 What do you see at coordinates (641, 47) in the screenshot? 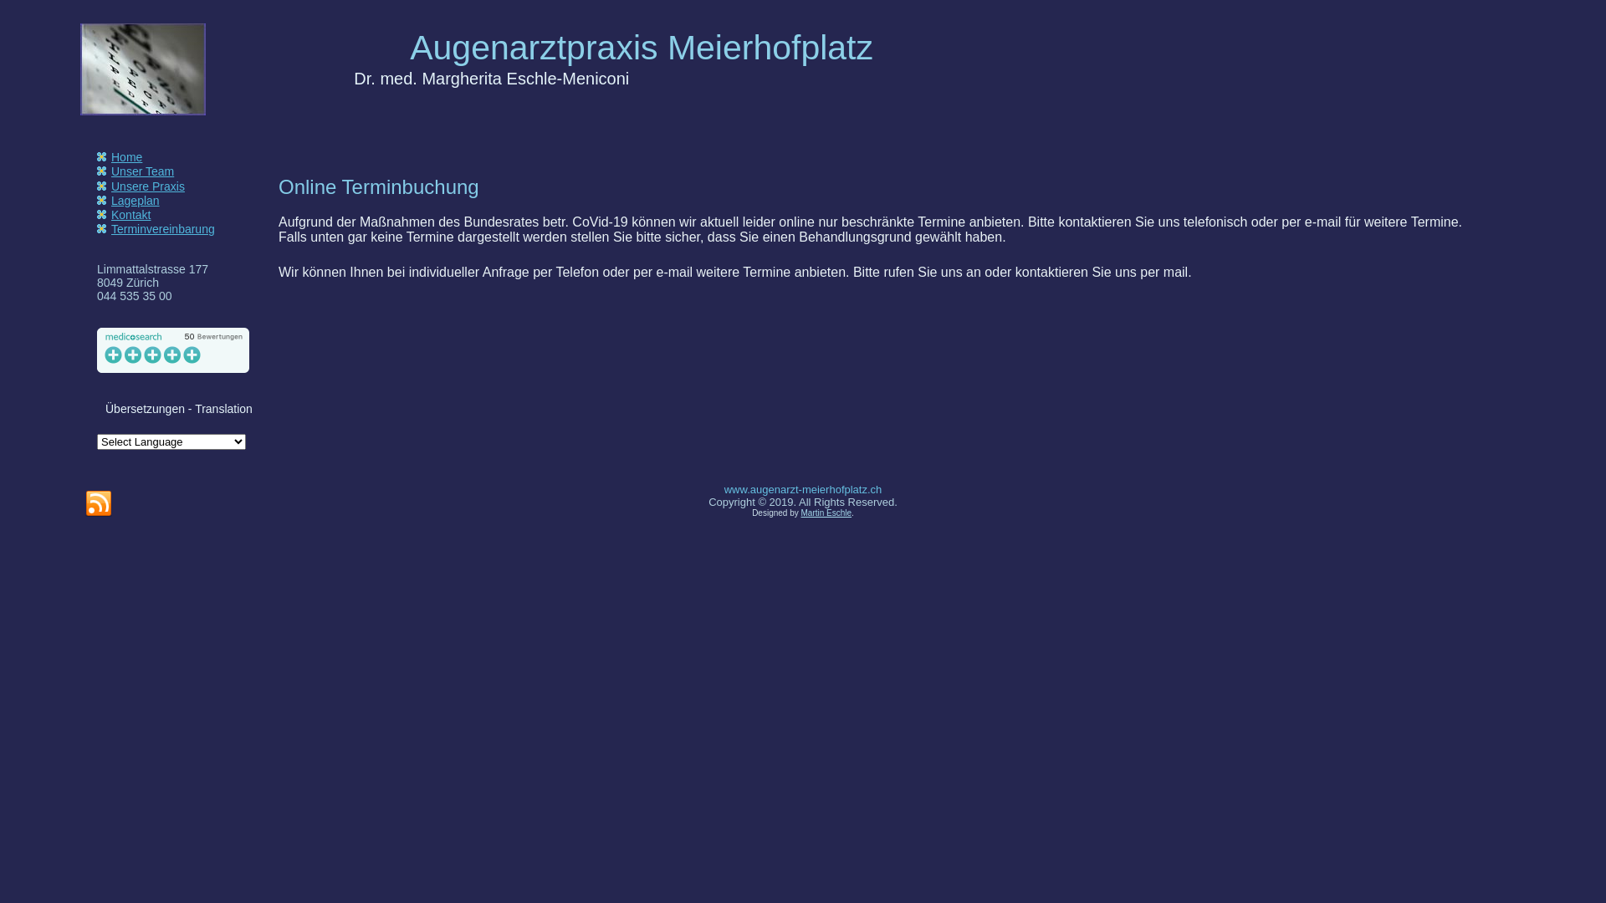
I see `'Augenarztpraxis Meierhofplatz'` at bounding box center [641, 47].